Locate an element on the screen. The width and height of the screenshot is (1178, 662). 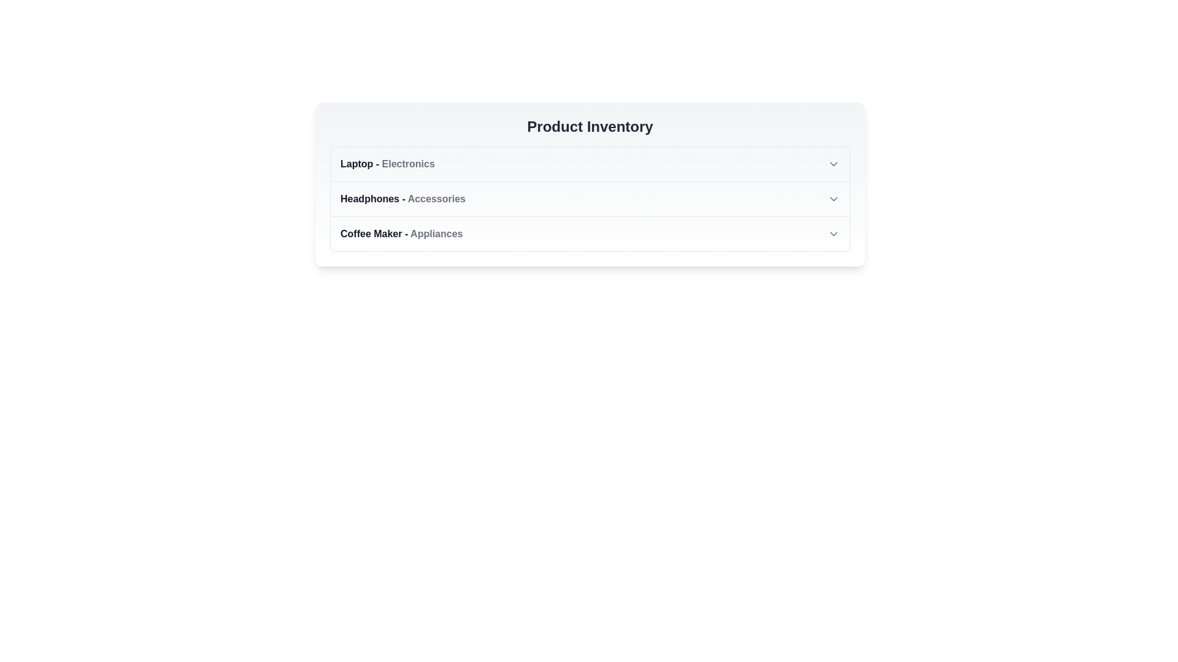
the chevron icon to expand or collapse the row for Headphones - Accessories is located at coordinates (833, 198).